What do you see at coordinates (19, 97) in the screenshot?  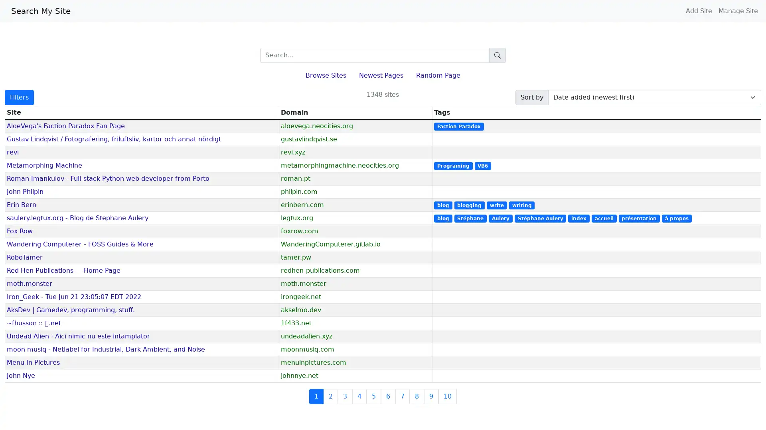 I see `Filters` at bounding box center [19, 97].